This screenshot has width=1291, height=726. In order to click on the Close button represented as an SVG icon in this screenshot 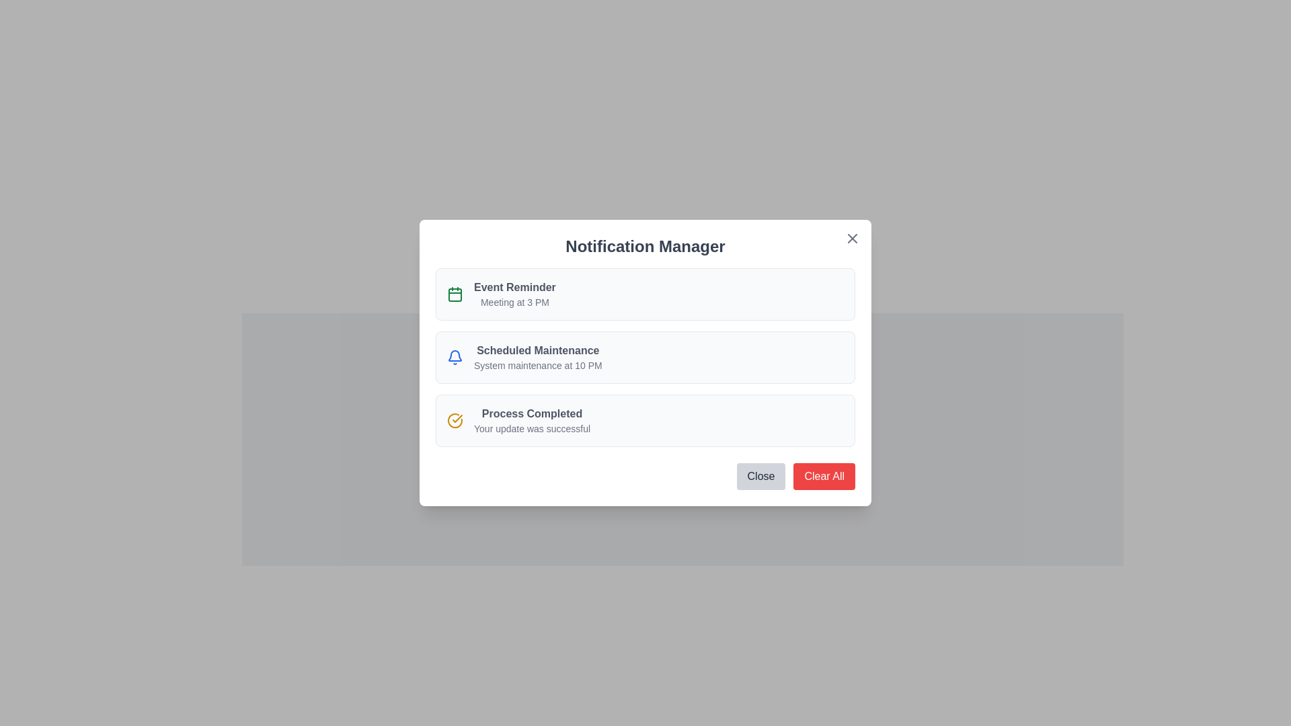, I will do `click(851, 237)`.